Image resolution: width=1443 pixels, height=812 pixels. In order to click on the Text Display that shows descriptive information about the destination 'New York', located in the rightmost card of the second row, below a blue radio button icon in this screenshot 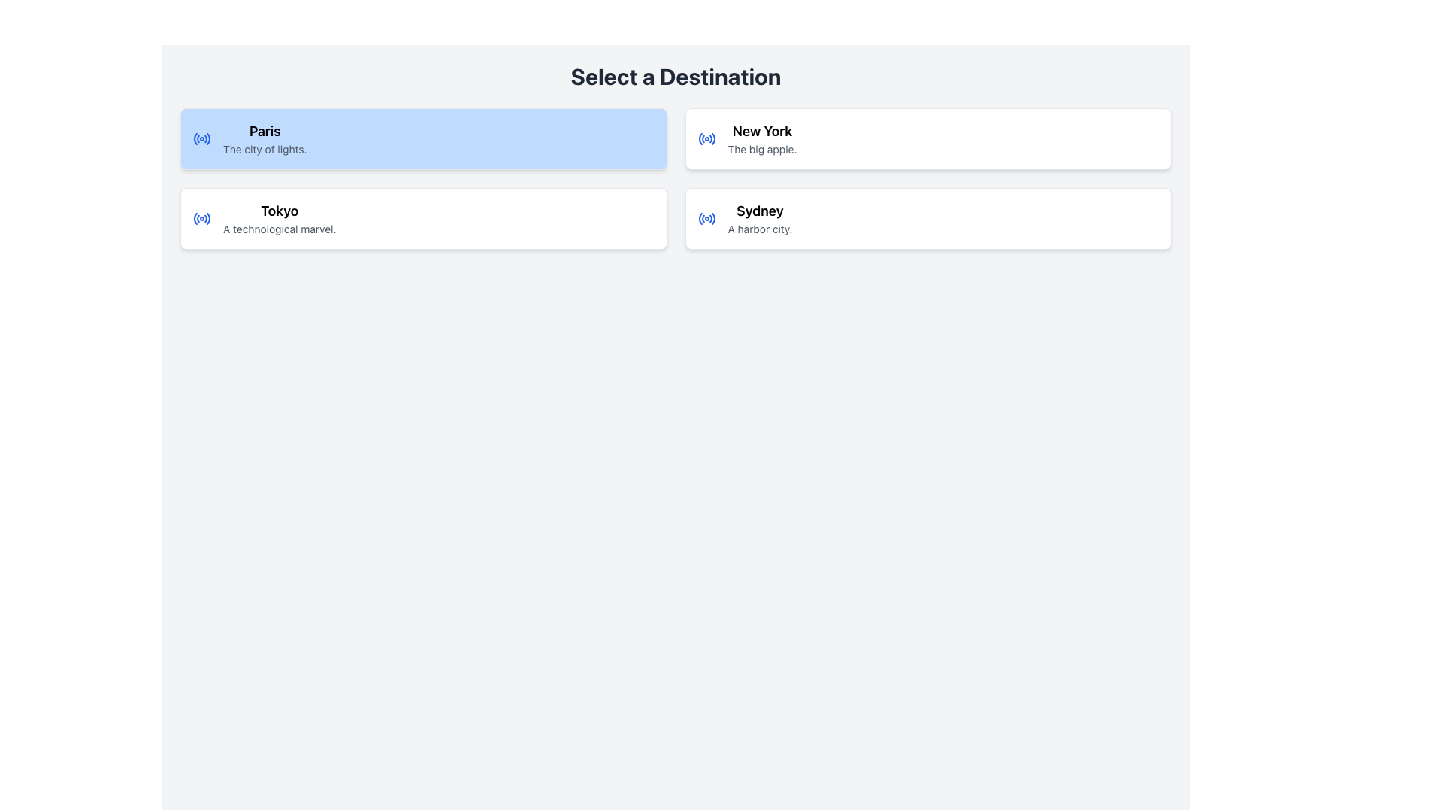, I will do `click(762, 139)`.